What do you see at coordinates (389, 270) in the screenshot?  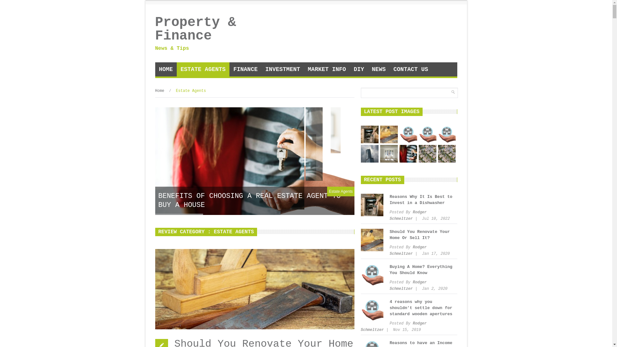 I see `'Buying A Home? Everything You Should Know'` at bounding box center [389, 270].